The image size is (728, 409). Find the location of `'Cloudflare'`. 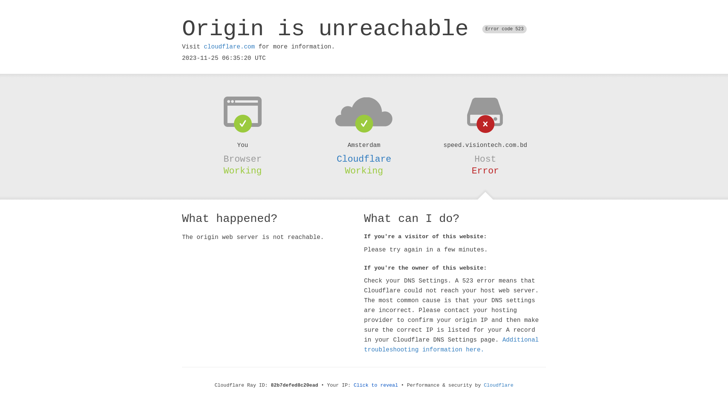

'Cloudflare' is located at coordinates (364, 159).